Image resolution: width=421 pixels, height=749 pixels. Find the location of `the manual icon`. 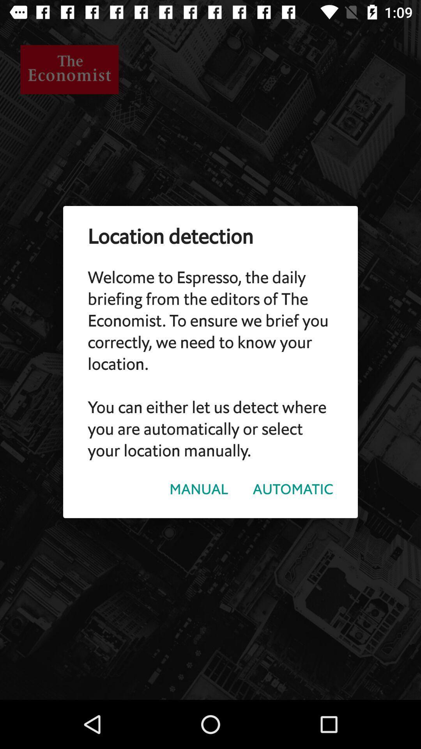

the manual icon is located at coordinates (198, 489).